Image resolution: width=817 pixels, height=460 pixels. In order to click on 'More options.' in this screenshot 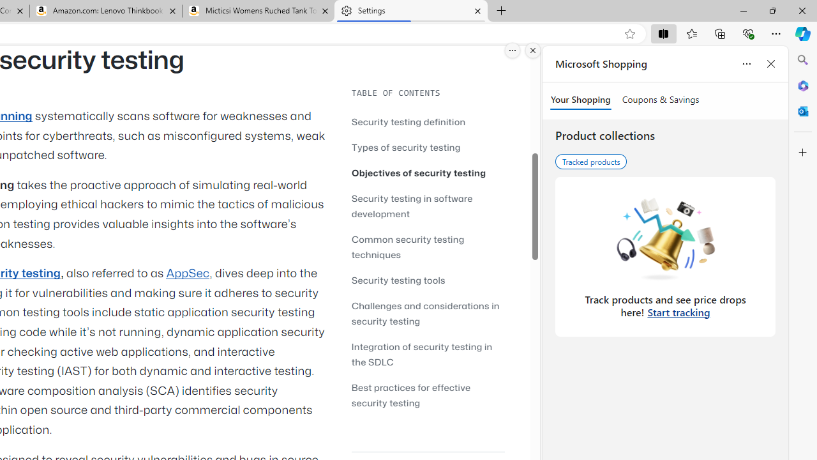, I will do `click(513, 50)`.